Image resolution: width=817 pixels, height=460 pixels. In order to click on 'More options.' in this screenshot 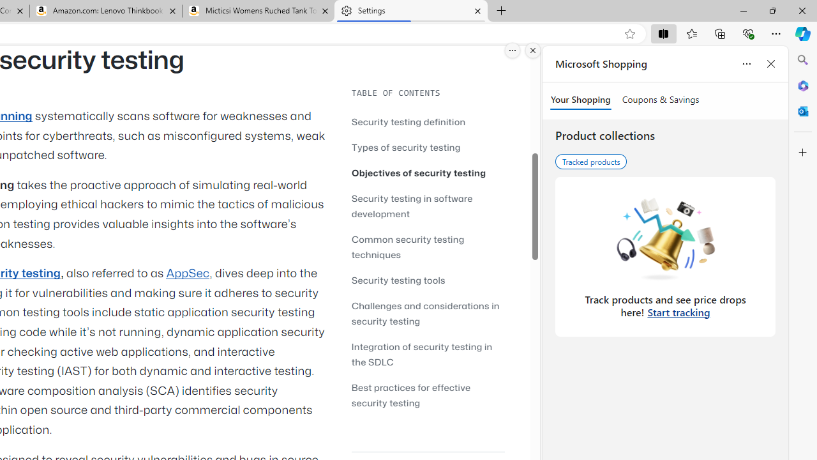, I will do `click(513, 50)`.